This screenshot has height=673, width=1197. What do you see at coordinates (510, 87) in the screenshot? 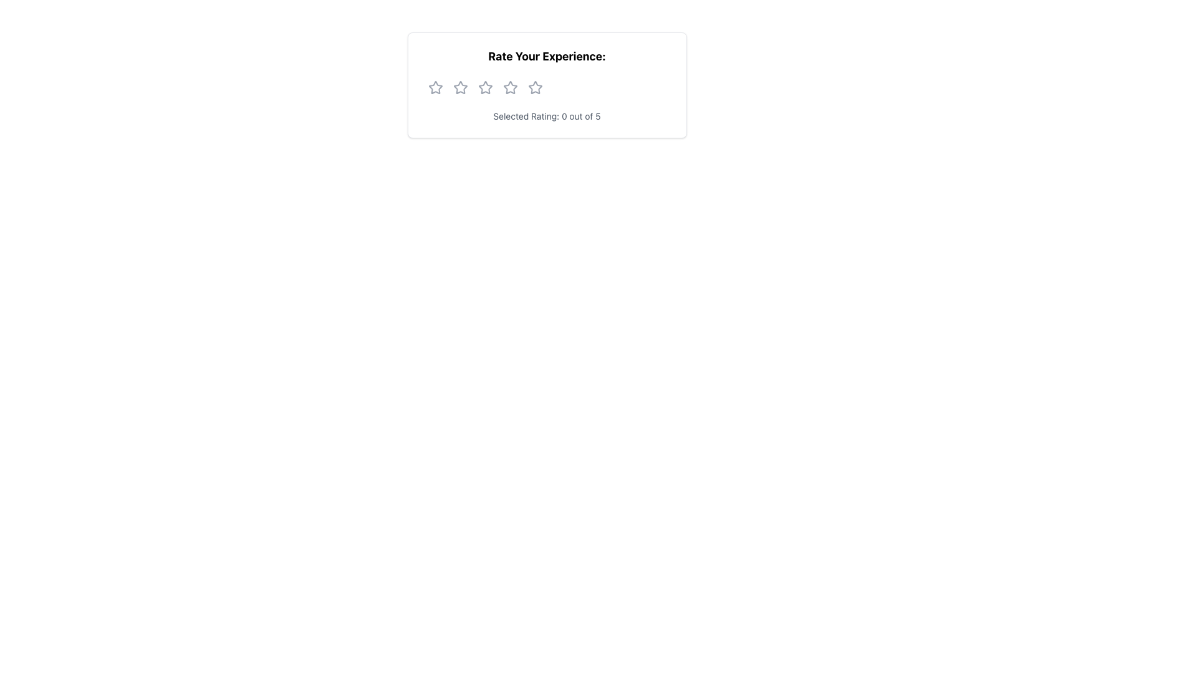
I see `the third star in the horizontal row of five stars used for a rating system` at bounding box center [510, 87].